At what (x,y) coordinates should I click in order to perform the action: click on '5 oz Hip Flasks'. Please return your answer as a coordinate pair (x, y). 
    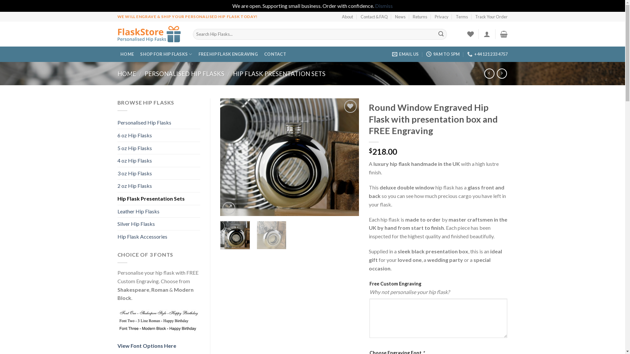
    Looking at the image, I should click on (159, 148).